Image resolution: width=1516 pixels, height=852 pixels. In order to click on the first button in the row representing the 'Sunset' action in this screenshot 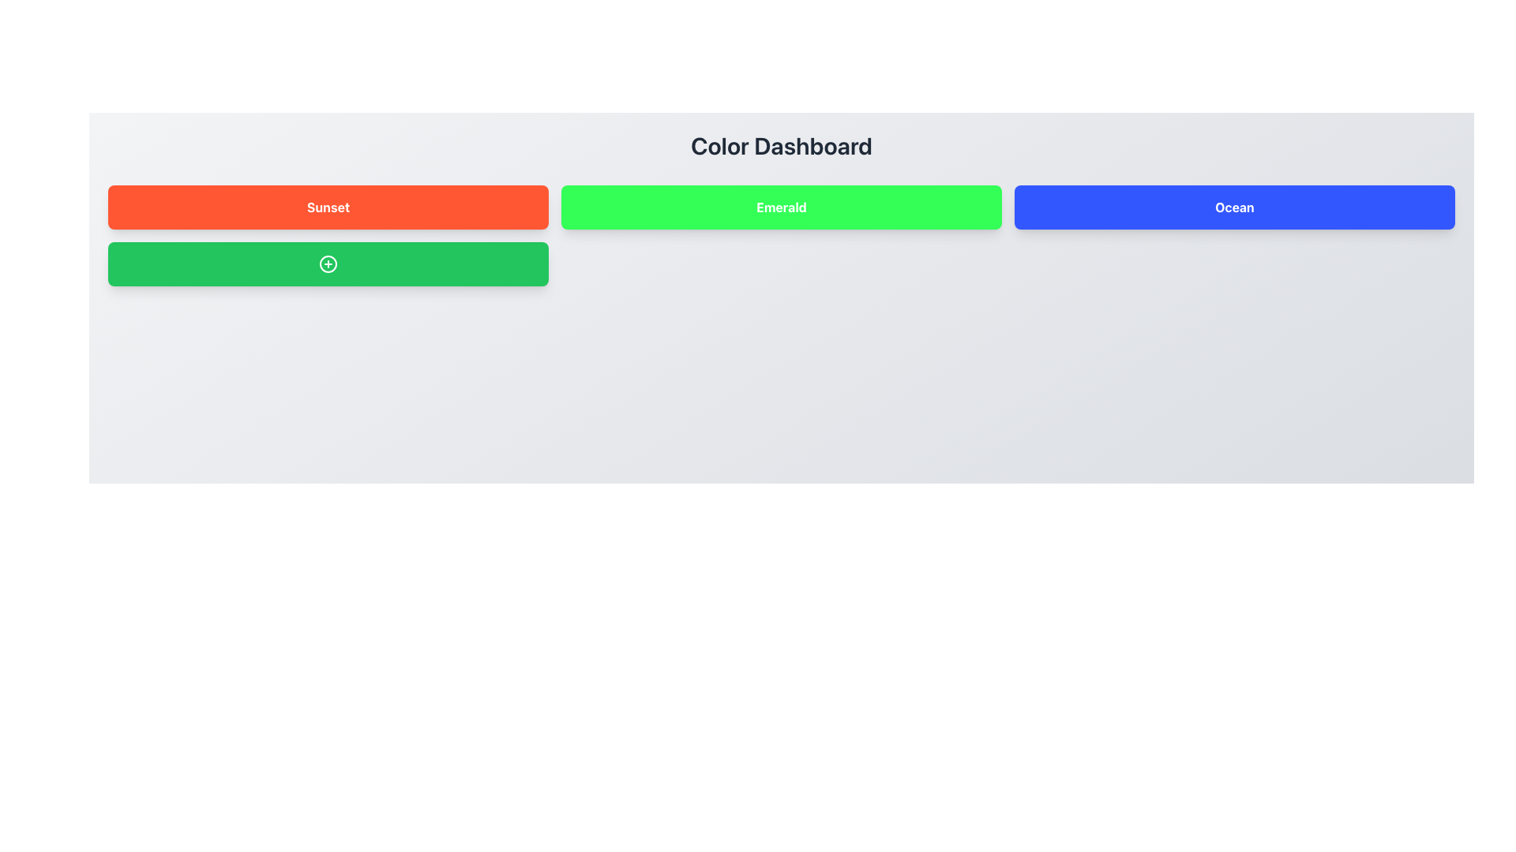, I will do `click(328, 206)`.